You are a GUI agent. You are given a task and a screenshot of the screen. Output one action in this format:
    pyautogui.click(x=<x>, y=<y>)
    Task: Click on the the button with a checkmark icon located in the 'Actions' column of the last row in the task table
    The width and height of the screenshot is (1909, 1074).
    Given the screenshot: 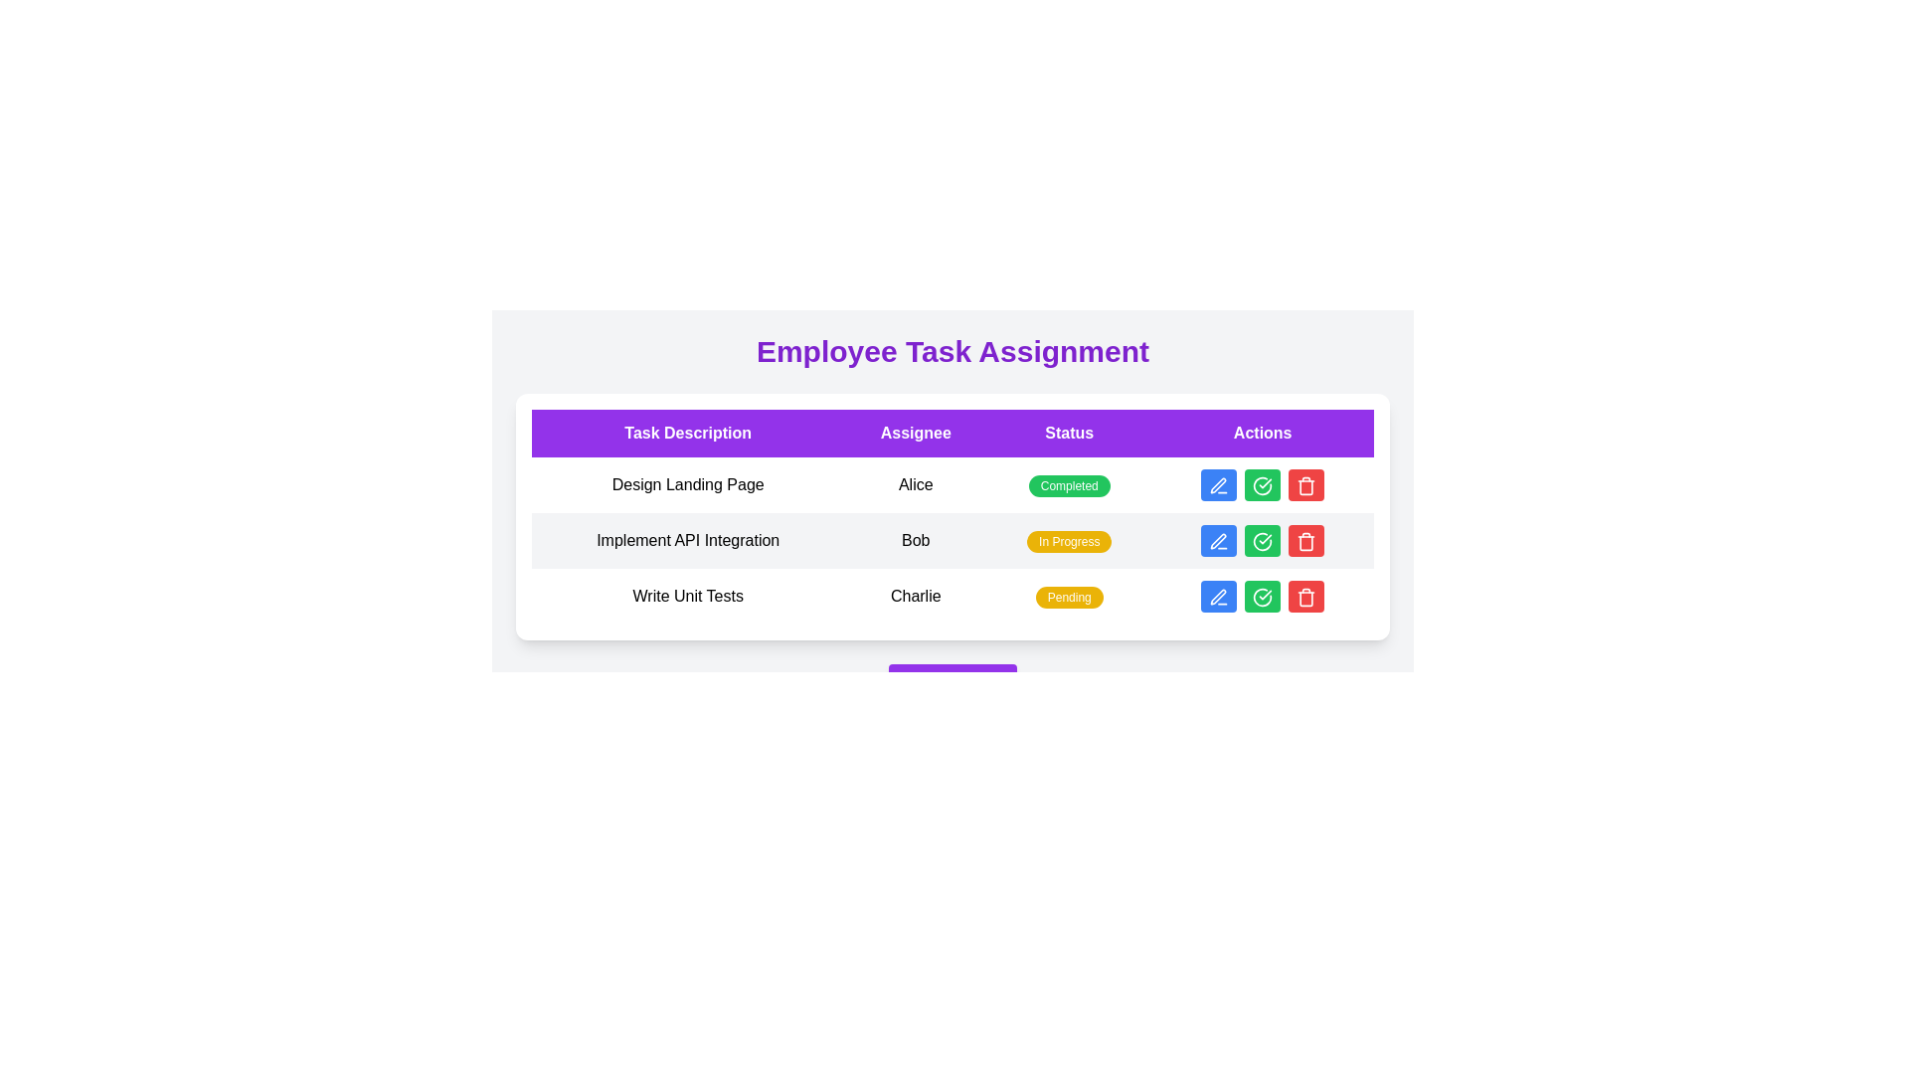 What is the action you would take?
    pyautogui.click(x=1262, y=596)
    